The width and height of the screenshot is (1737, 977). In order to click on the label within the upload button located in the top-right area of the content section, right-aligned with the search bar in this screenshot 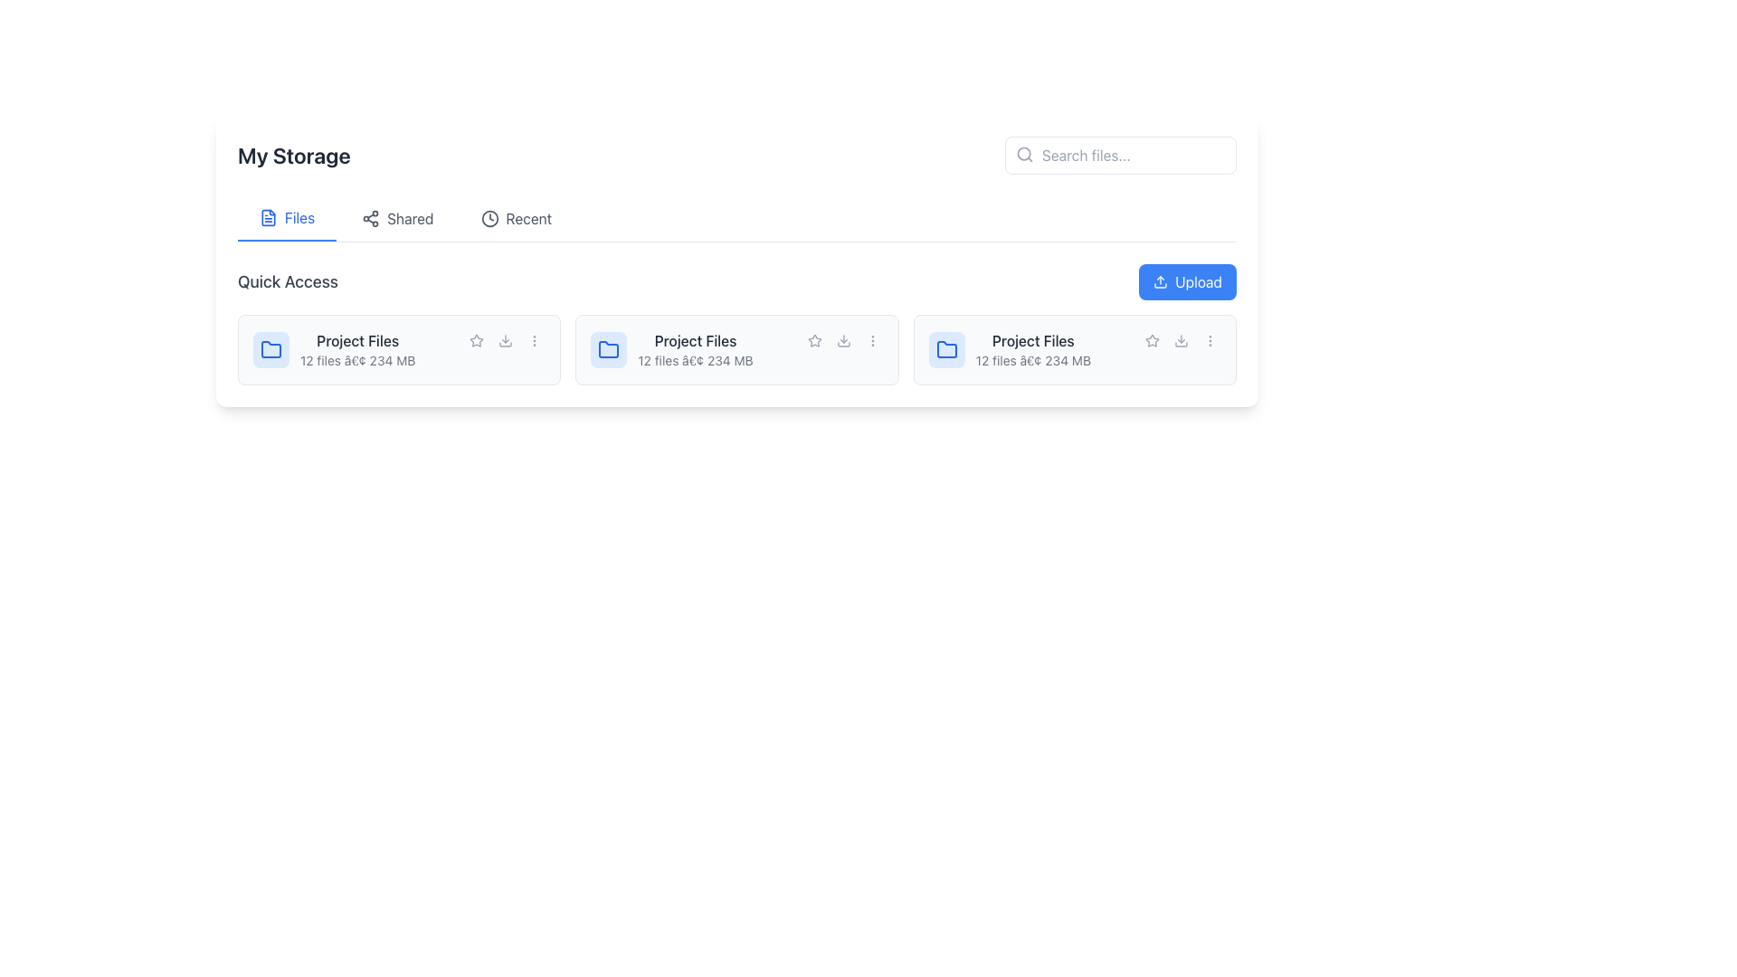, I will do `click(1198, 282)`.